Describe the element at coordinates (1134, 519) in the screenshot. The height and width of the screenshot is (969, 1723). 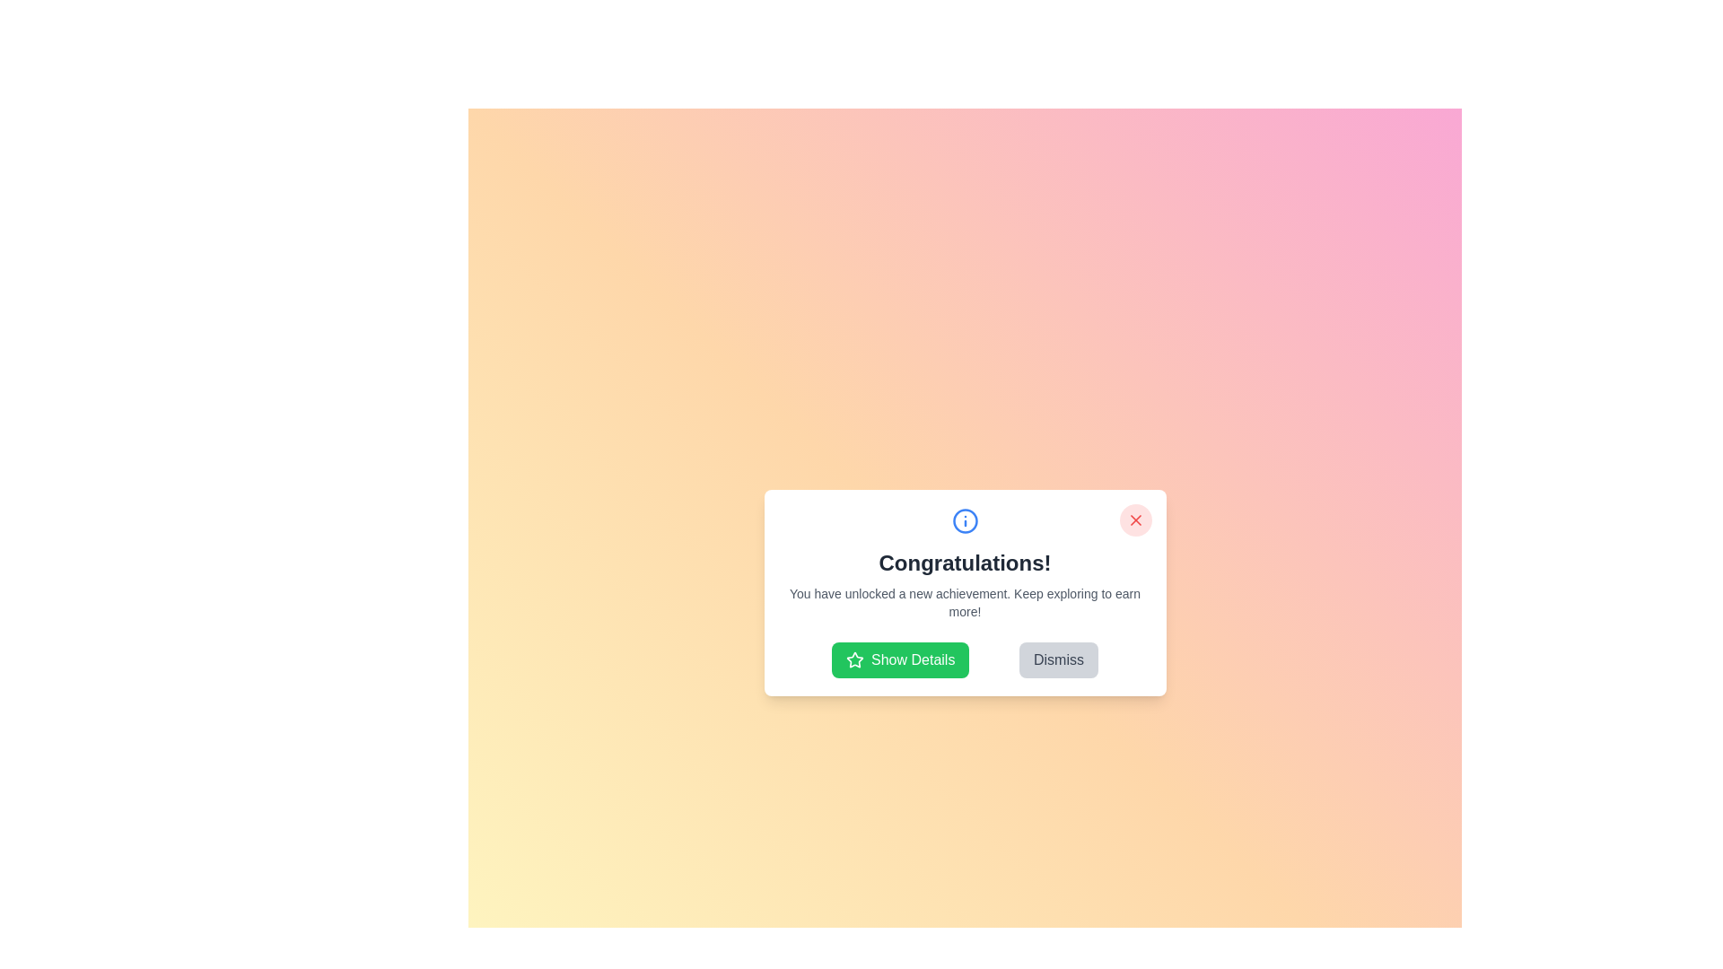
I see `the close button to close the dialog` at that location.